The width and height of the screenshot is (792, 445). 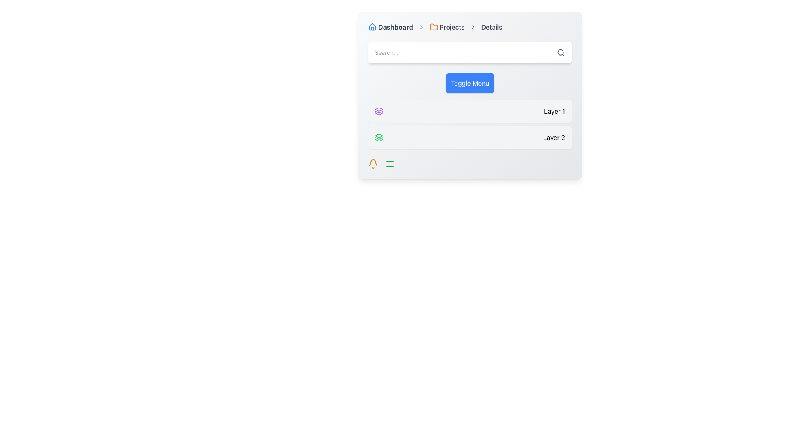 What do you see at coordinates (470, 26) in the screenshot?
I see `the 'Projects' text within the Breadcrumb navigation bar` at bounding box center [470, 26].